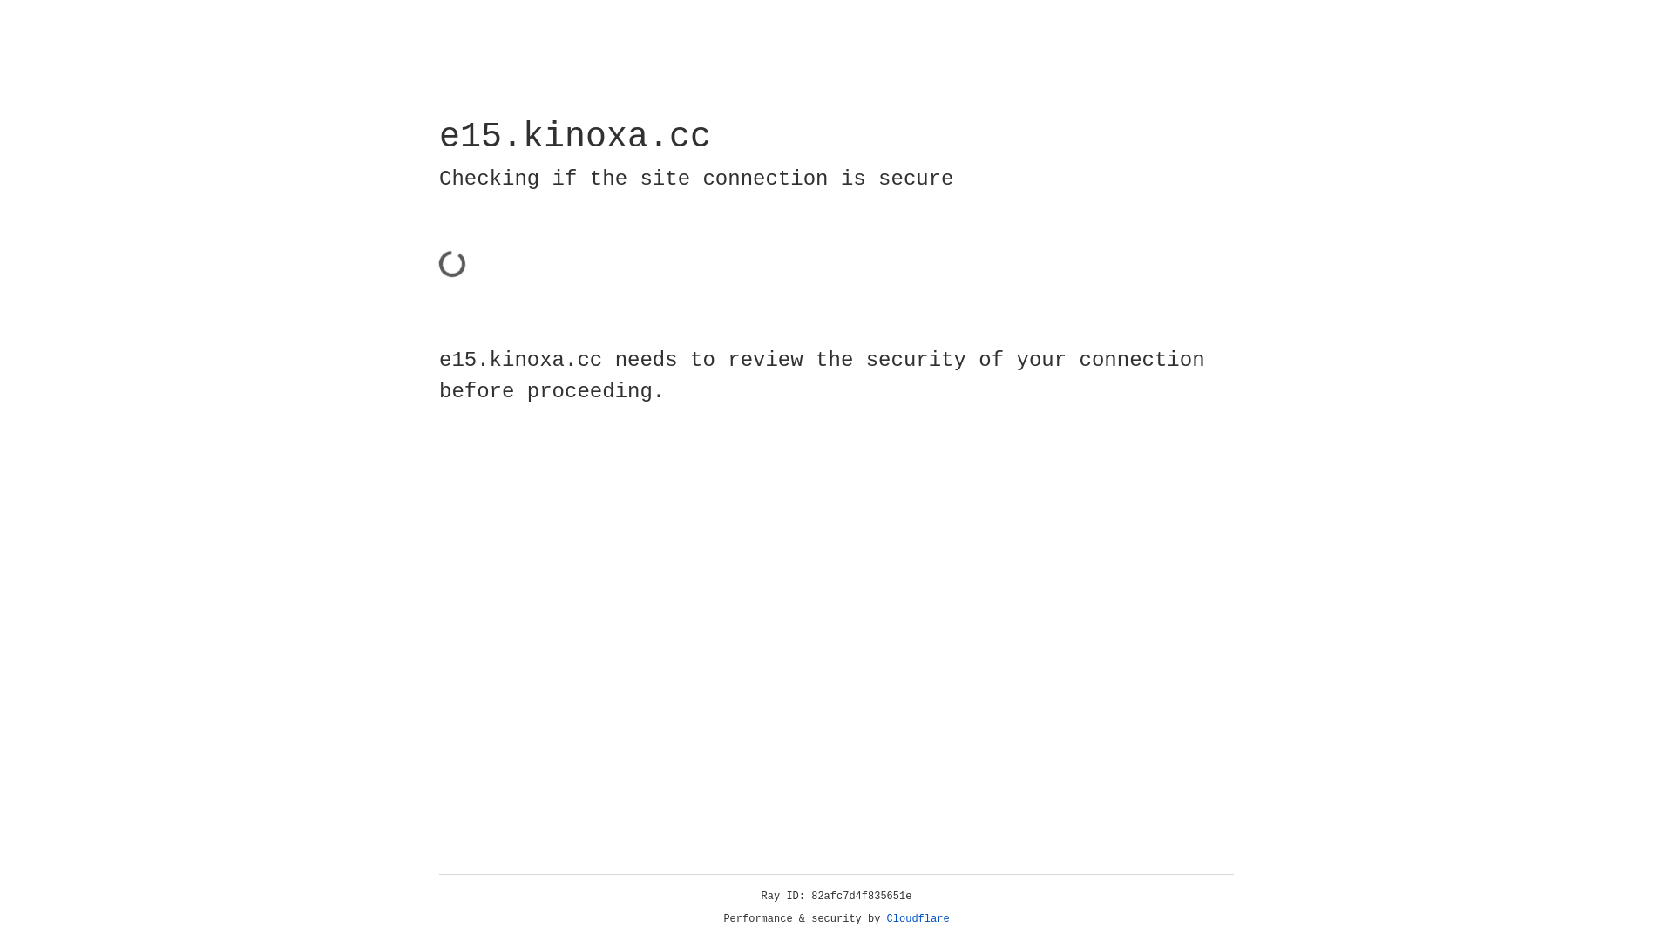 The height and width of the screenshot is (941, 1673). I want to click on 'Cloudflare', so click(918, 918).